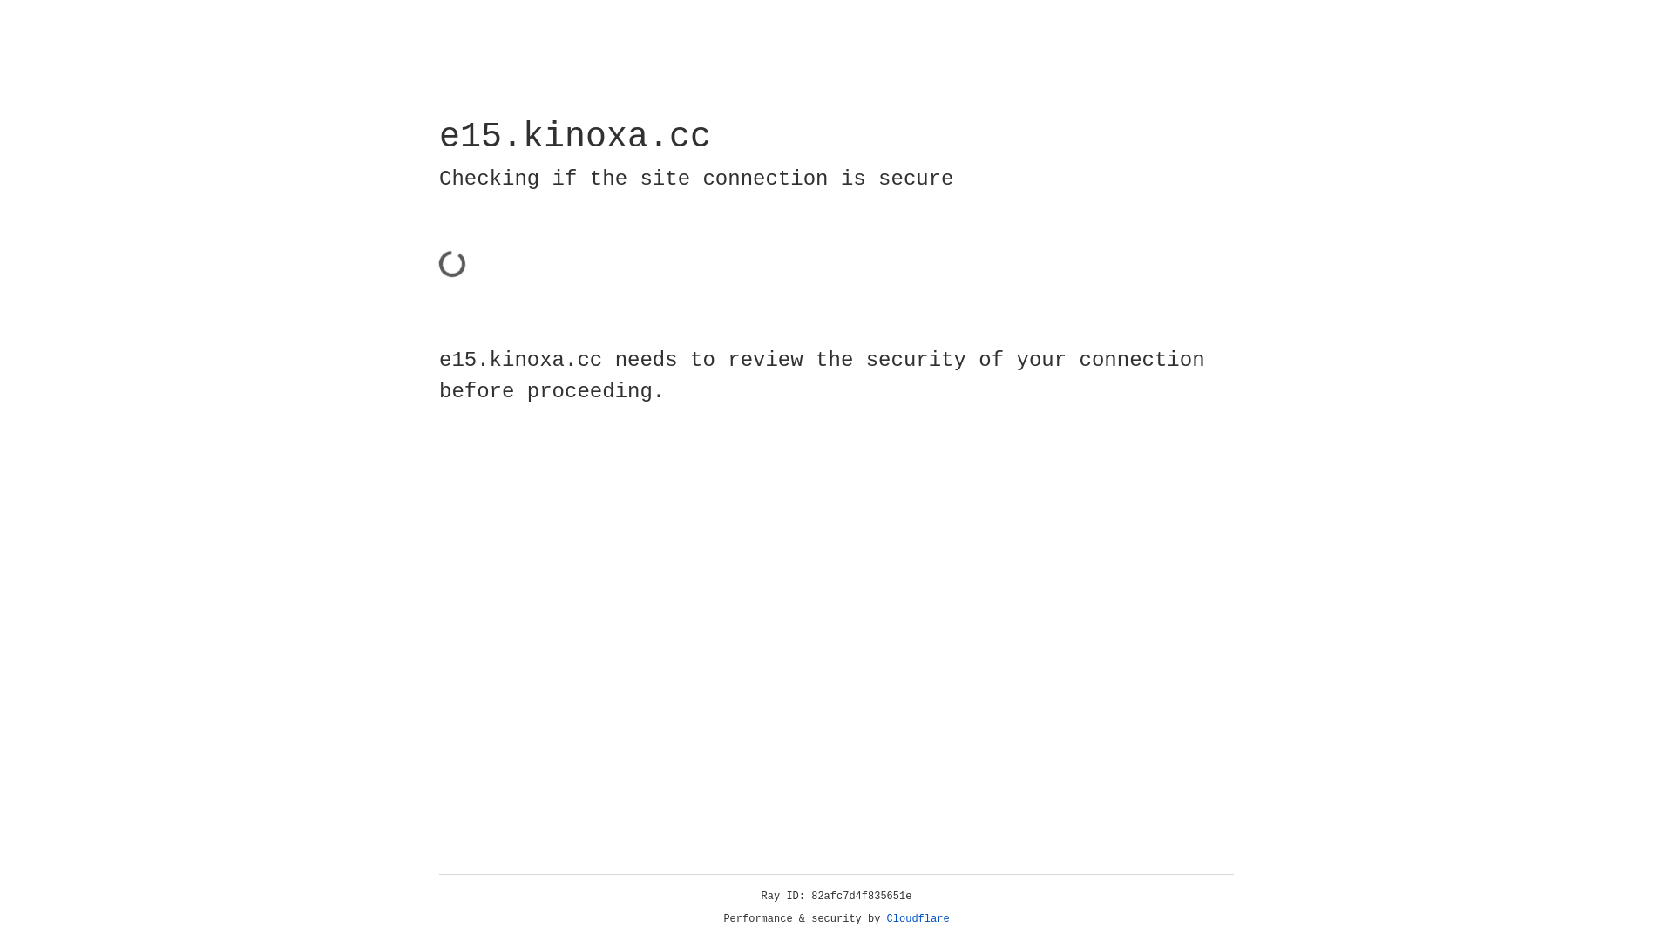 The height and width of the screenshot is (941, 1673). I want to click on 'Cloudflare', so click(918, 918).